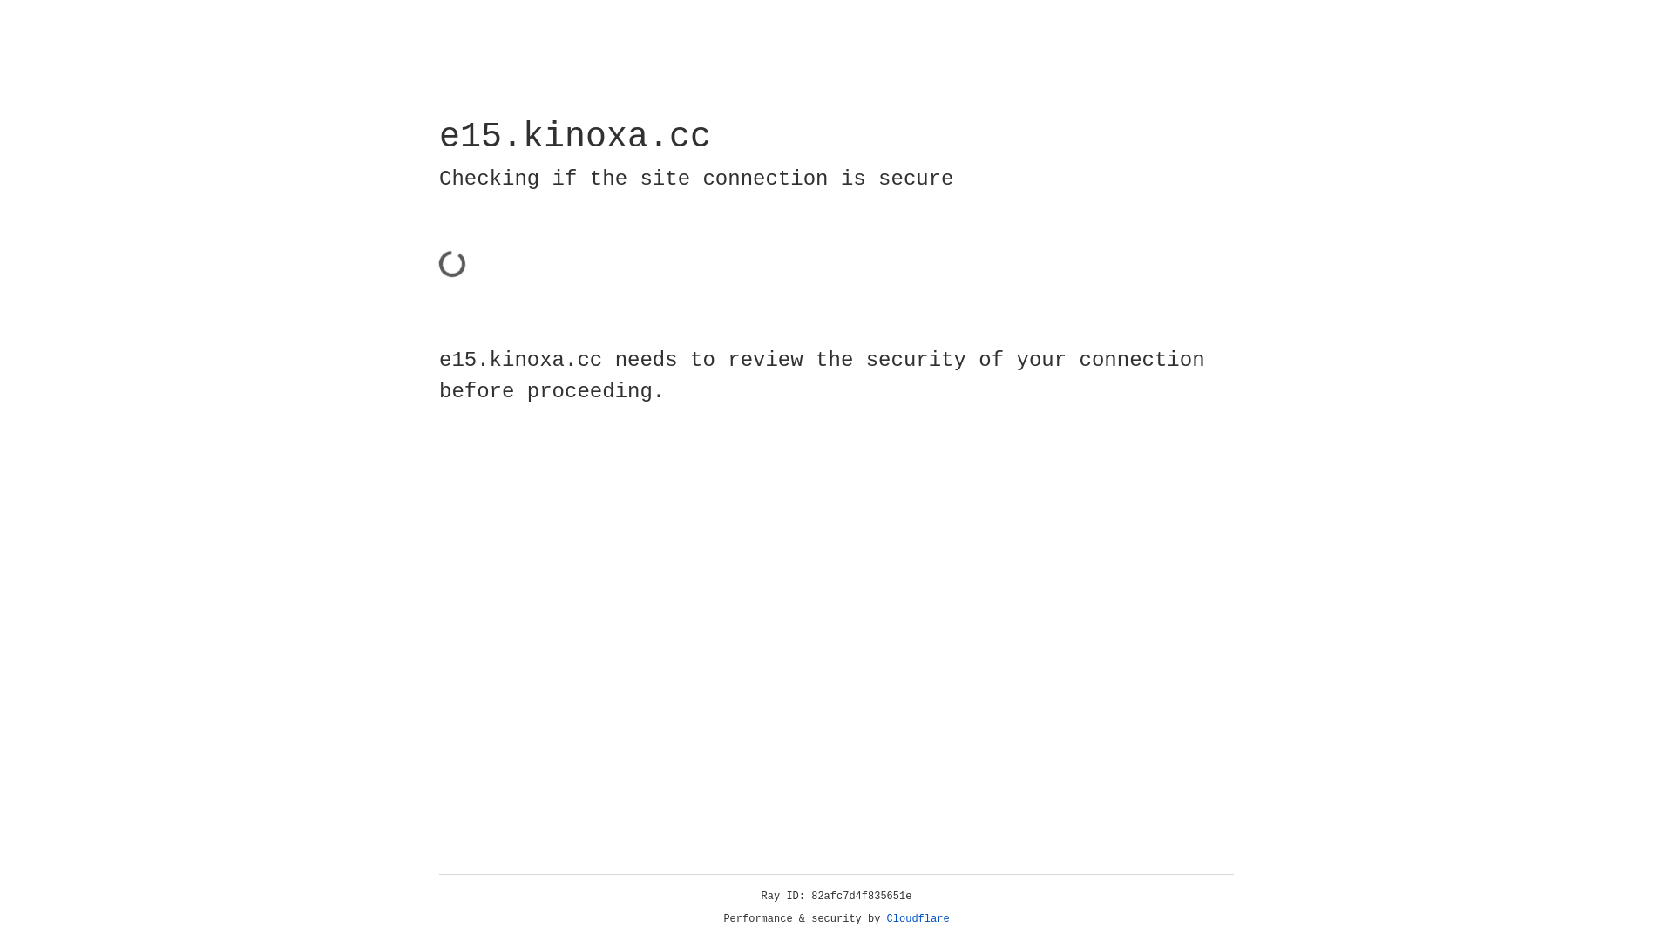 The height and width of the screenshot is (941, 1673). I want to click on 'Cloudflare', so click(918, 918).